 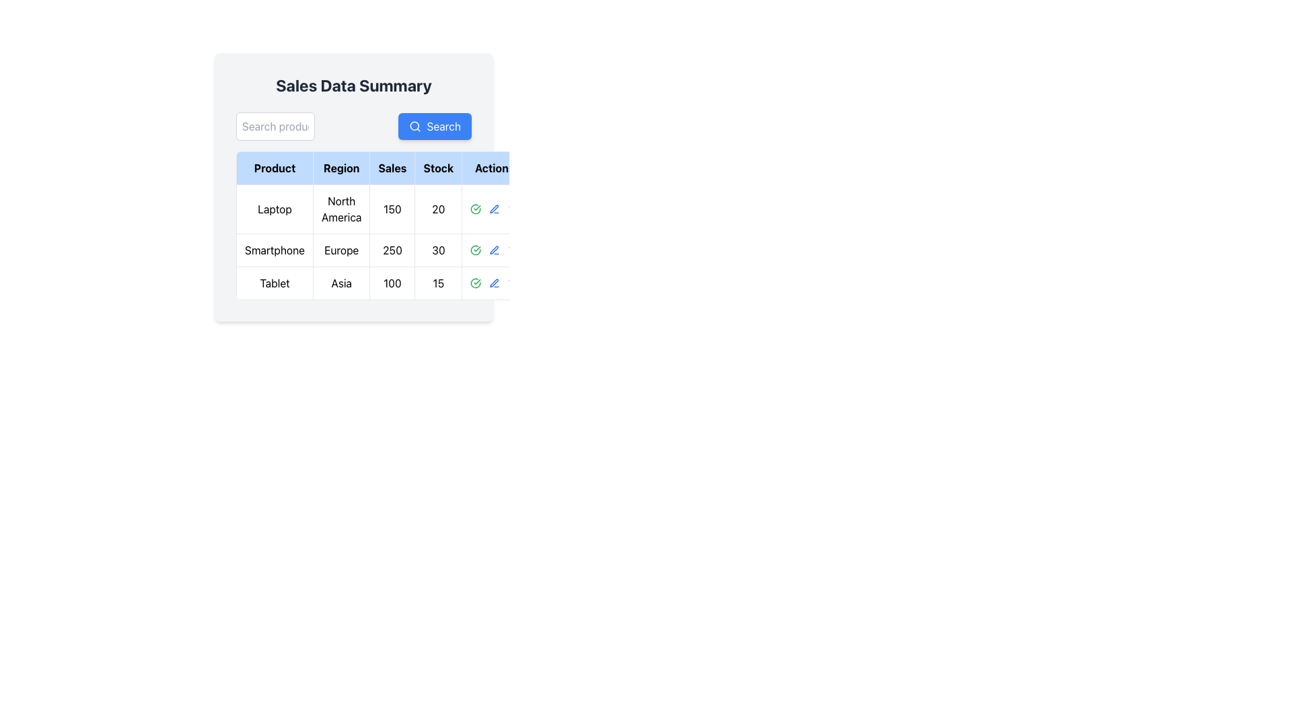 What do you see at coordinates (438, 209) in the screenshot?
I see `the Label displaying the number '20' in the 'Stock' column of the 'Laptop' row in the data table` at bounding box center [438, 209].